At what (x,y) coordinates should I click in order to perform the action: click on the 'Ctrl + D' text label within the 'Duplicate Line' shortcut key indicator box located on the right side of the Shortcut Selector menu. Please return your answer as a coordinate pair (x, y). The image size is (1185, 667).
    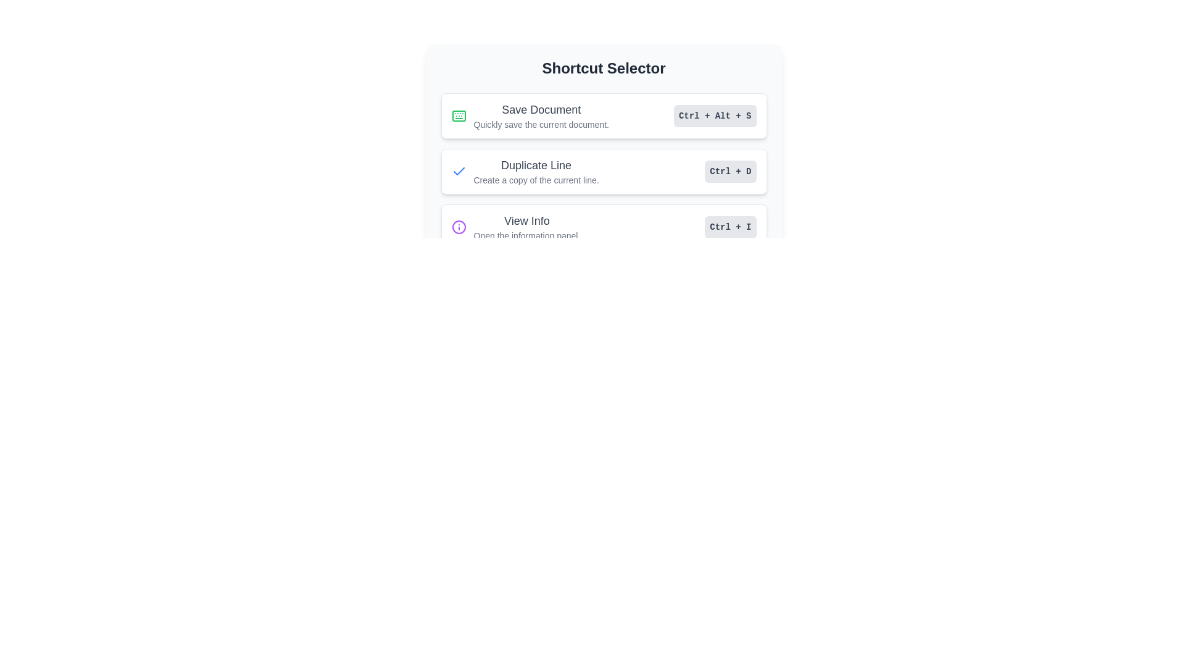
    Looking at the image, I should click on (730, 171).